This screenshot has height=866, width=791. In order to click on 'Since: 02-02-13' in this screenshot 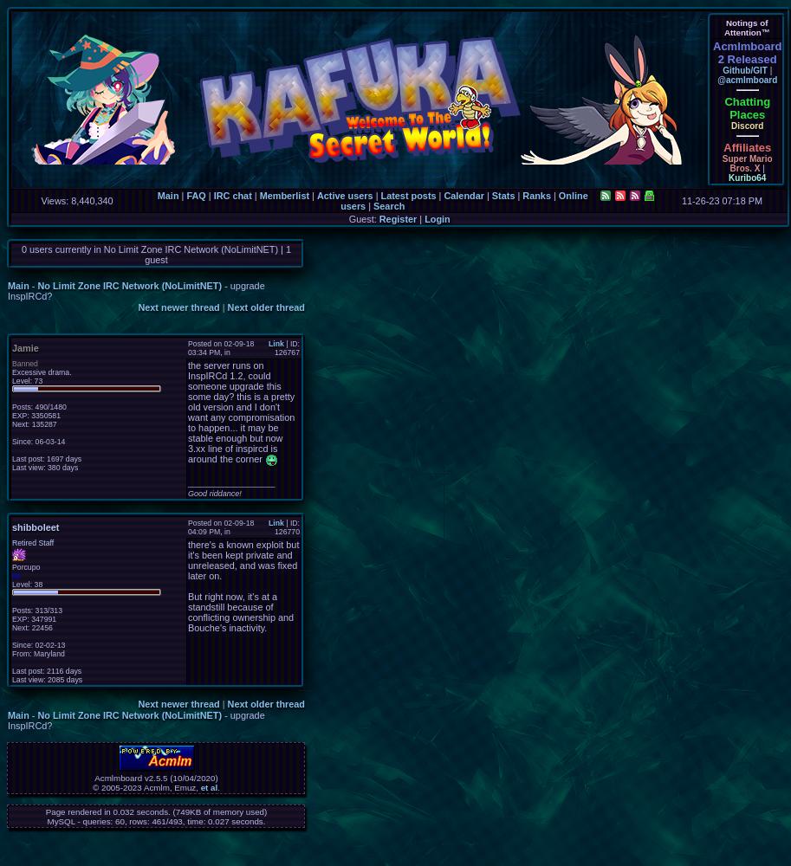, I will do `click(37, 644)`.